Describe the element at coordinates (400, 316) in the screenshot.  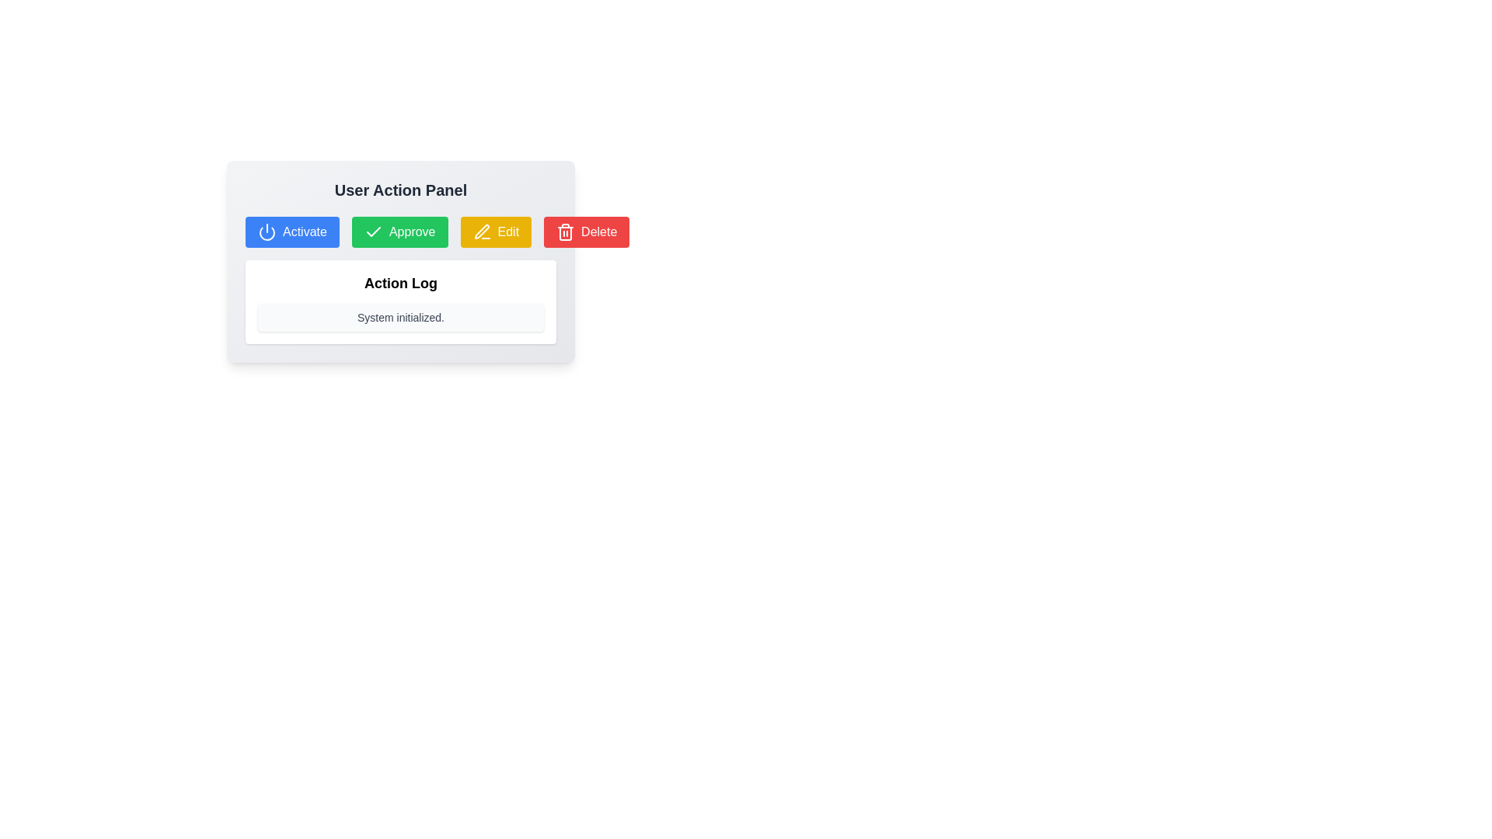
I see `the text label that reads 'System initialized.' which is styled with a light gray background and is located below the 'Action Log' heading` at that location.